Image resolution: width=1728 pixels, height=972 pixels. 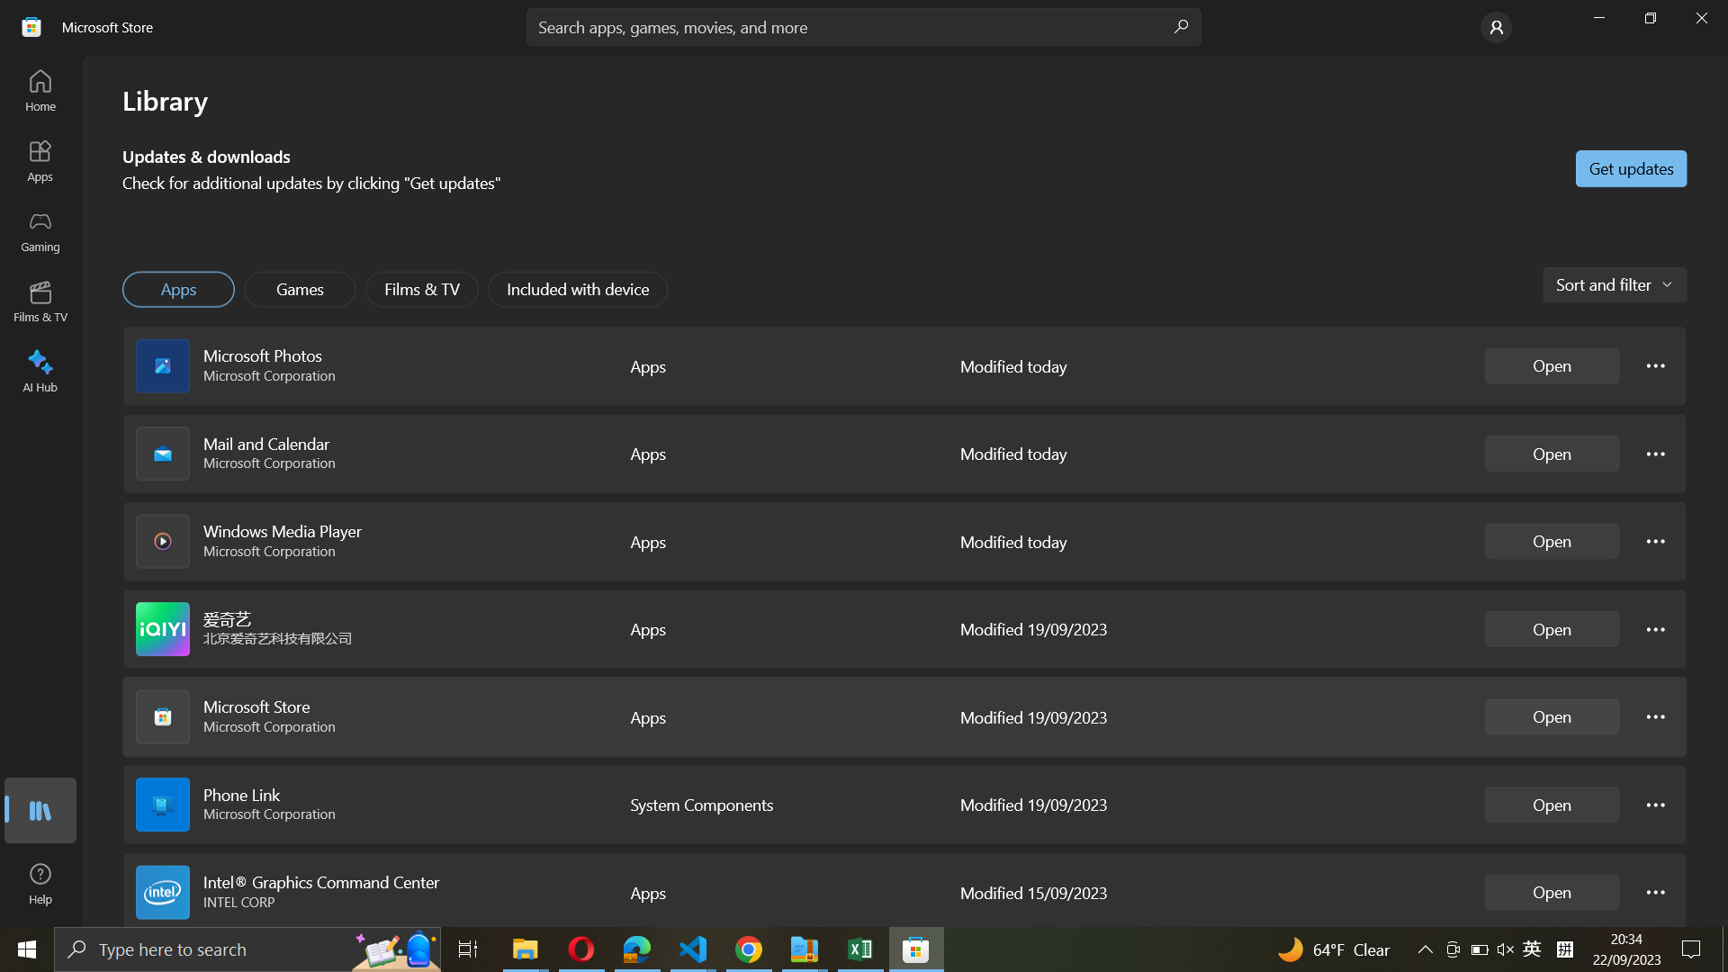 I want to click on the option menu on Microsoft Photos, so click(x=3176928, y=395604).